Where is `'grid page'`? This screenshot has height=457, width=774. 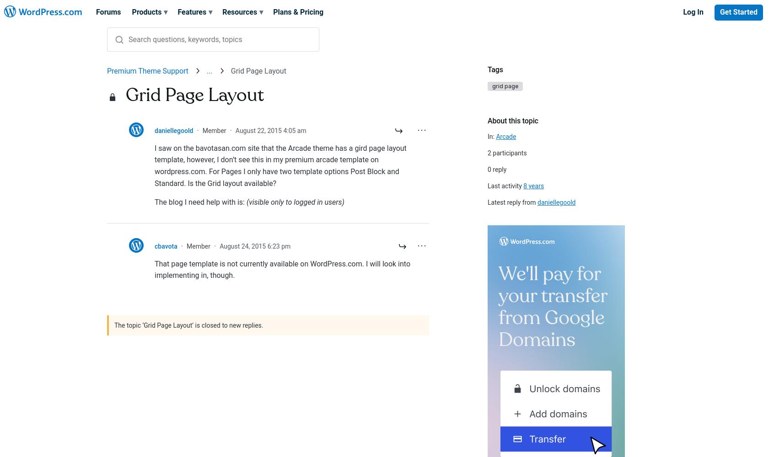 'grid page' is located at coordinates (492, 86).